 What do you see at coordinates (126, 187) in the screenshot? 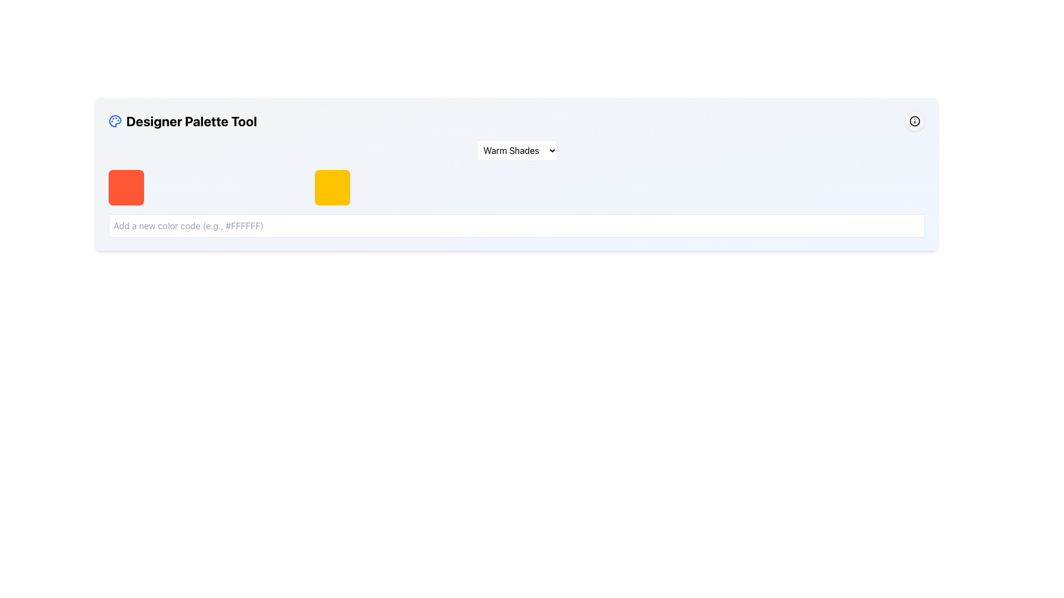
I see `the square Visual Icon or Color Block element with a solid orange-red background located in the upper-left area of the grid layout` at bounding box center [126, 187].